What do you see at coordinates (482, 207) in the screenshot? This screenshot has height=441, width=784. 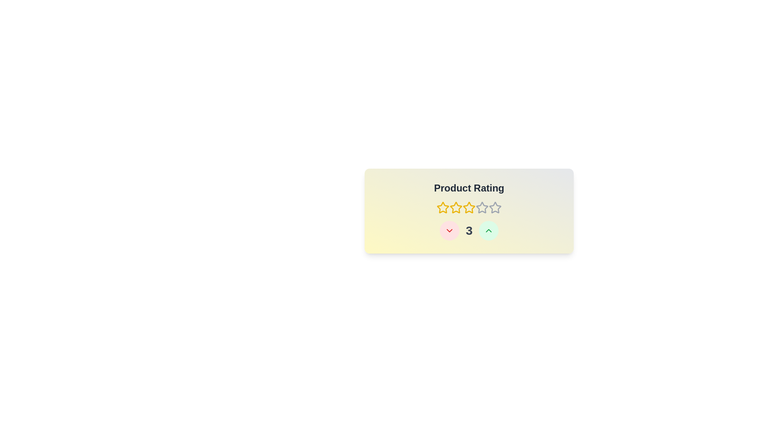 I see `the fifth star-shaped icon with a hollow center and gray border` at bounding box center [482, 207].